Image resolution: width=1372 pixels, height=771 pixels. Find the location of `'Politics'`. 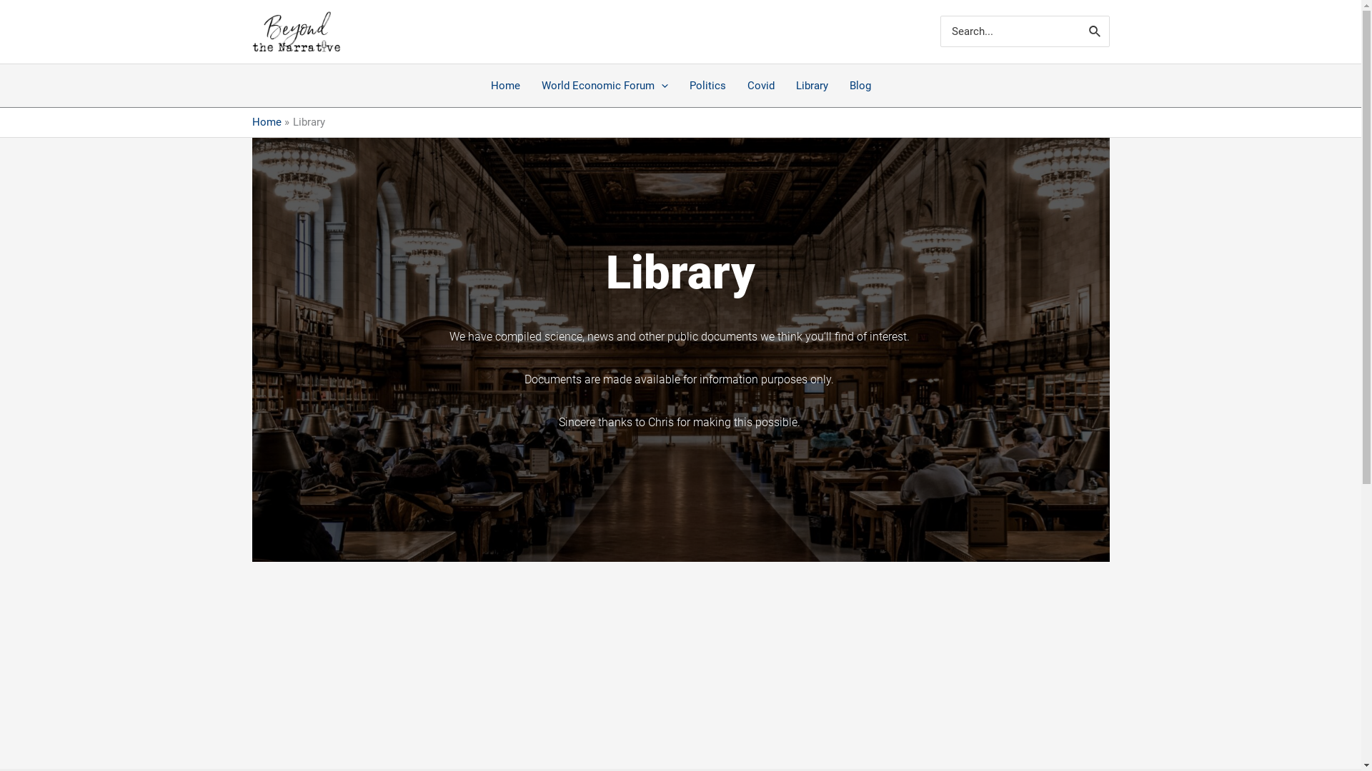

'Politics' is located at coordinates (678, 85).